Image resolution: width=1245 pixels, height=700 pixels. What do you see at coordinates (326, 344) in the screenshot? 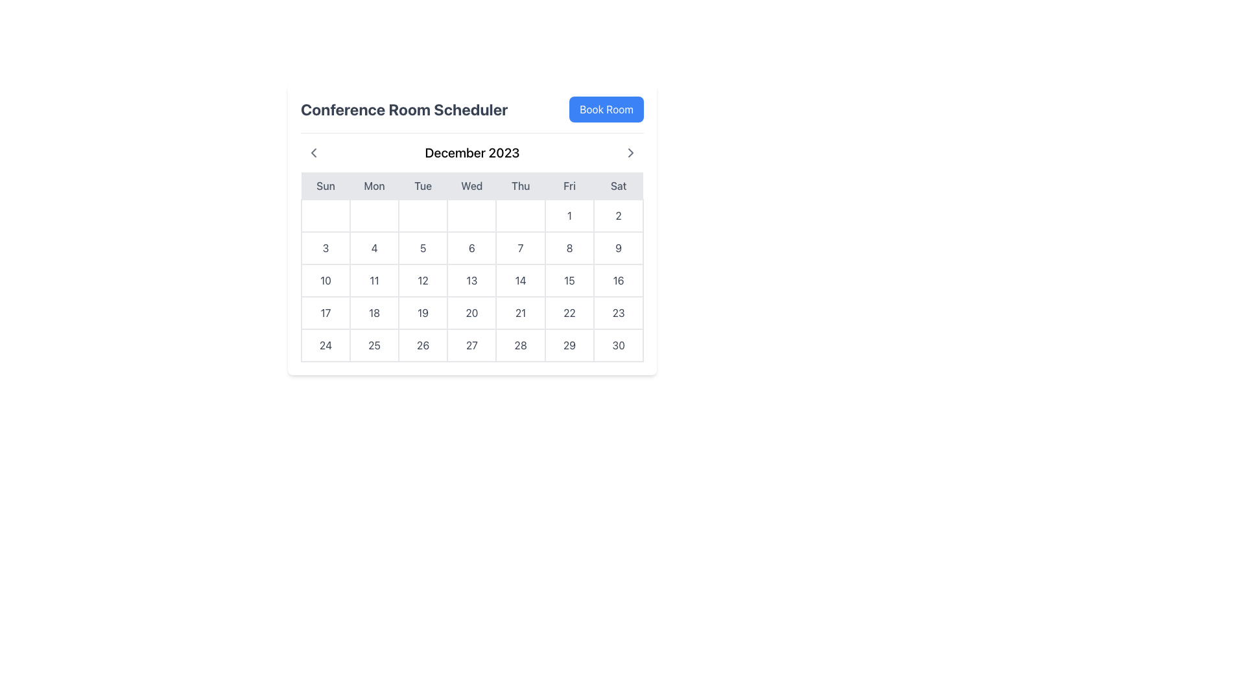
I see `the Calendar date box representing the date '24' located under the 'Sun' column in the weekly grid` at bounding box center [326, 344].